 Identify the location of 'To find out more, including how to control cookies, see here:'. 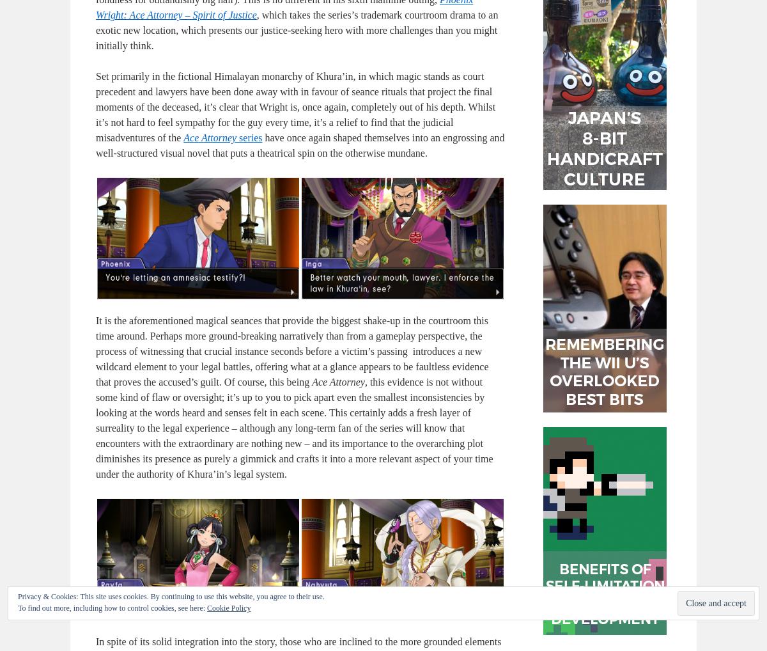
(112, 608).